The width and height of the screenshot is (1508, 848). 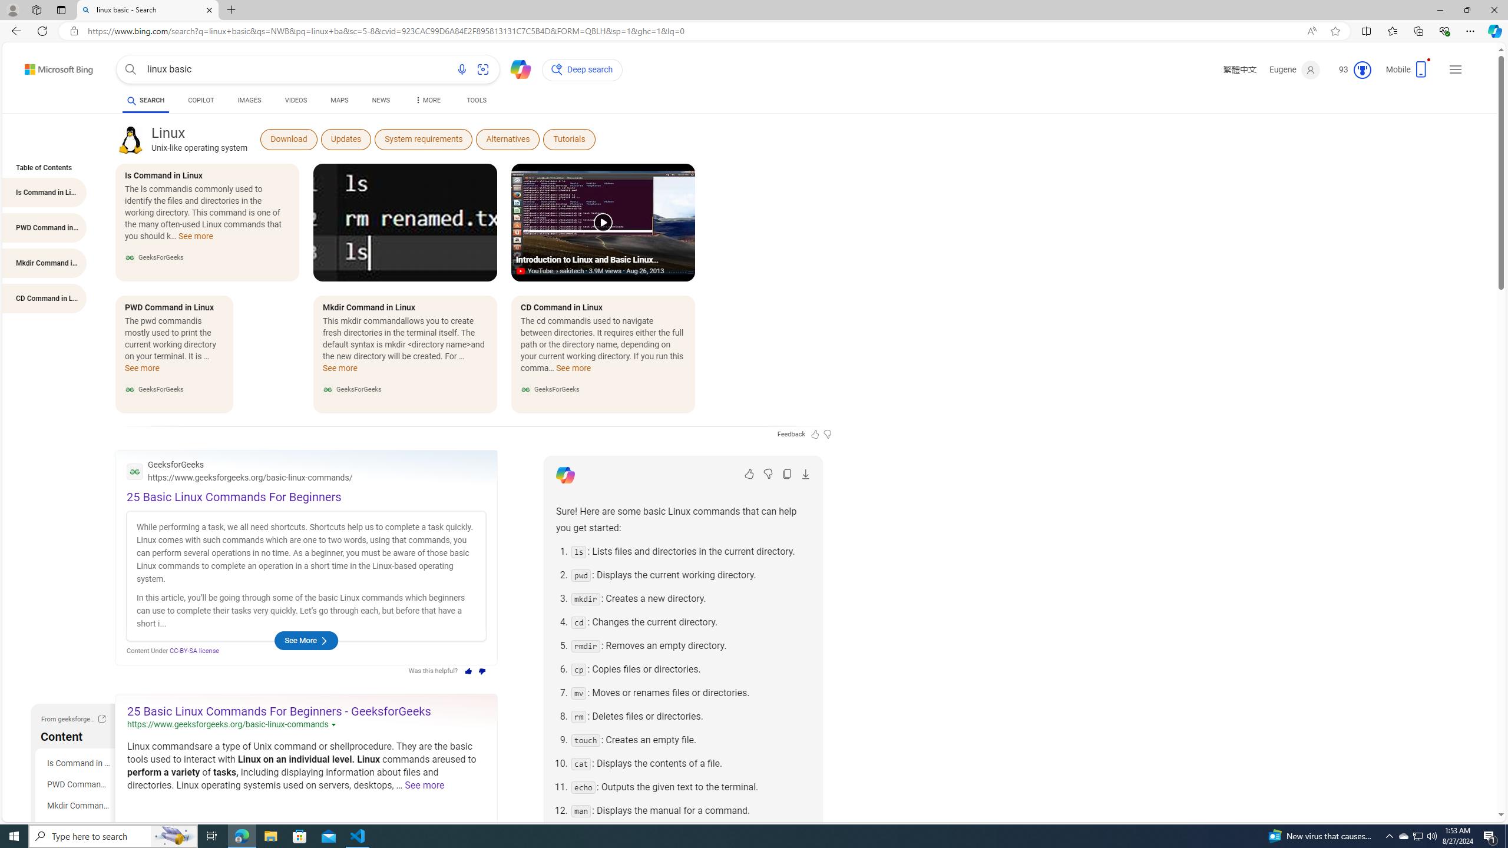 What do you see at coordinates (234, 496) in the screenshot?
I see `'25 Basic Linux Commands For Beginners'` at bounding box center [234, 496].